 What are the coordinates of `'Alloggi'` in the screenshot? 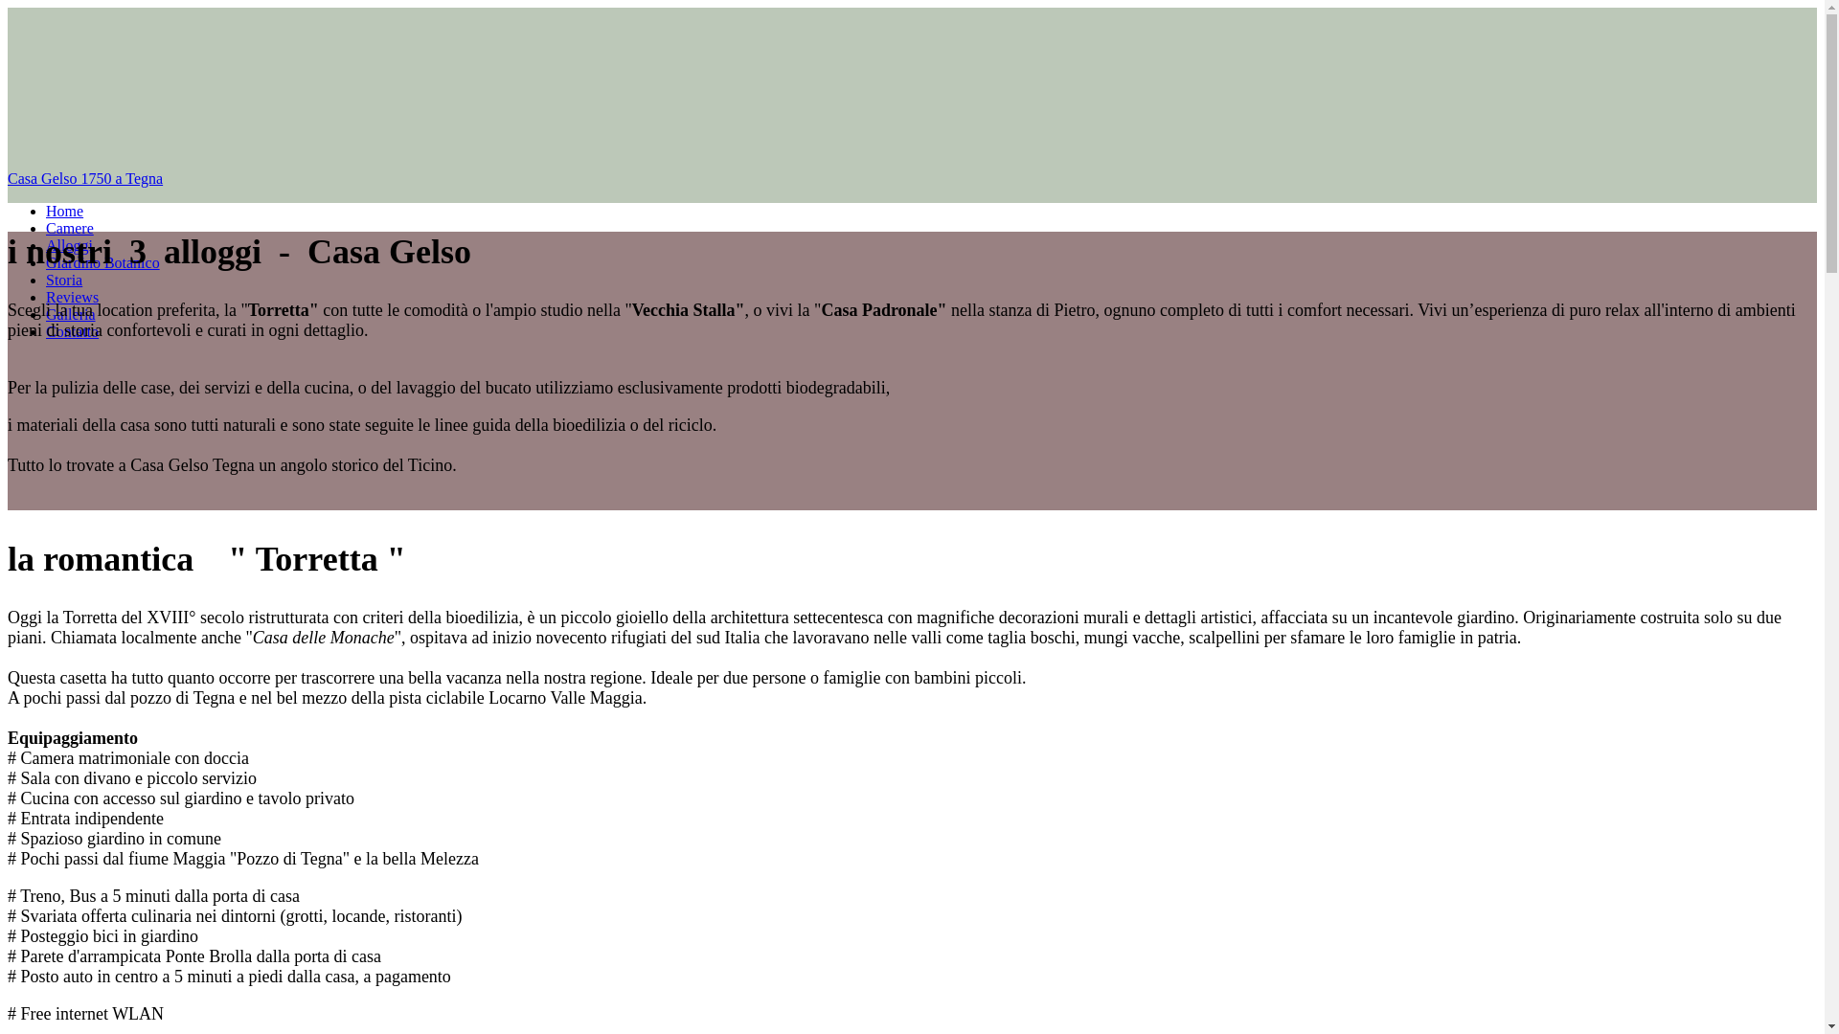 It's located at (69, 244).